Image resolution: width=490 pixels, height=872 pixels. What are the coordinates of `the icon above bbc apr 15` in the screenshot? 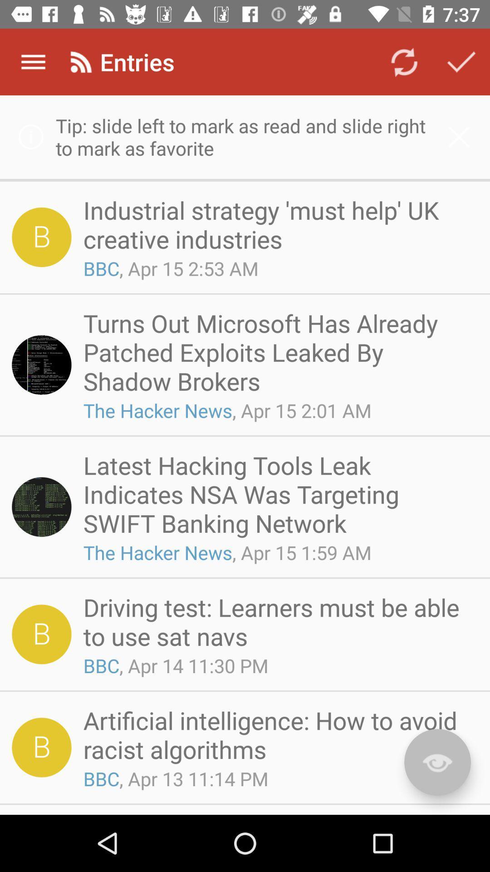 It's located at (277, 224).